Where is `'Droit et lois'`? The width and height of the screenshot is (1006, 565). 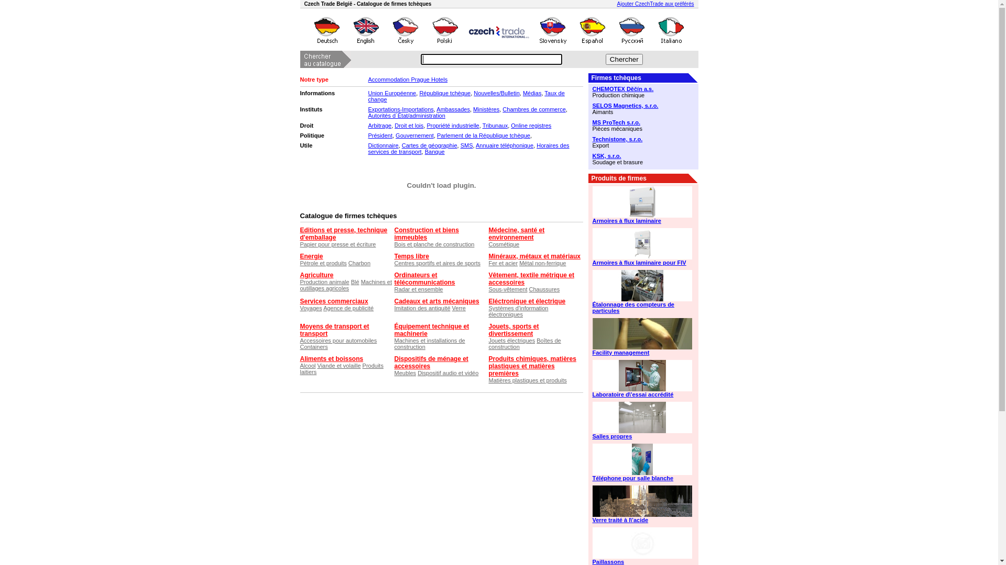
'Droit et lois' is located at coordinates (408, 125).